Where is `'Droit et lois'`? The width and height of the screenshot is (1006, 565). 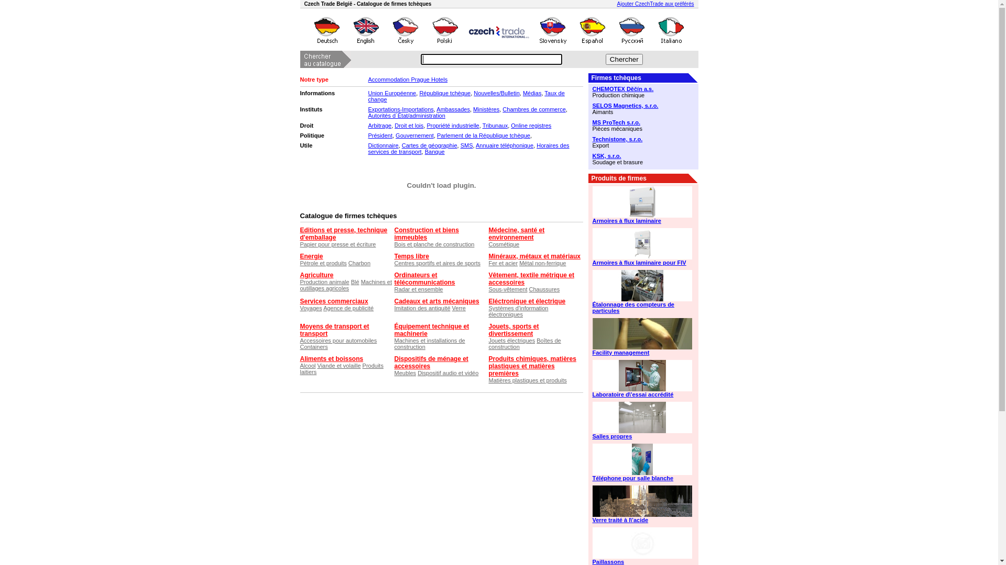
'Droit et lois' is located at coordinates (408, 125).